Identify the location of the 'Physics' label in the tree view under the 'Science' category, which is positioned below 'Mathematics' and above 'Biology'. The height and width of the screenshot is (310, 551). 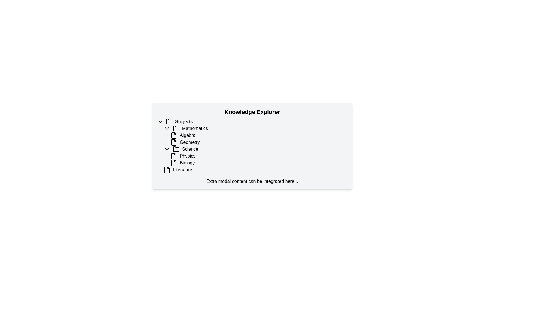
(187, 156).